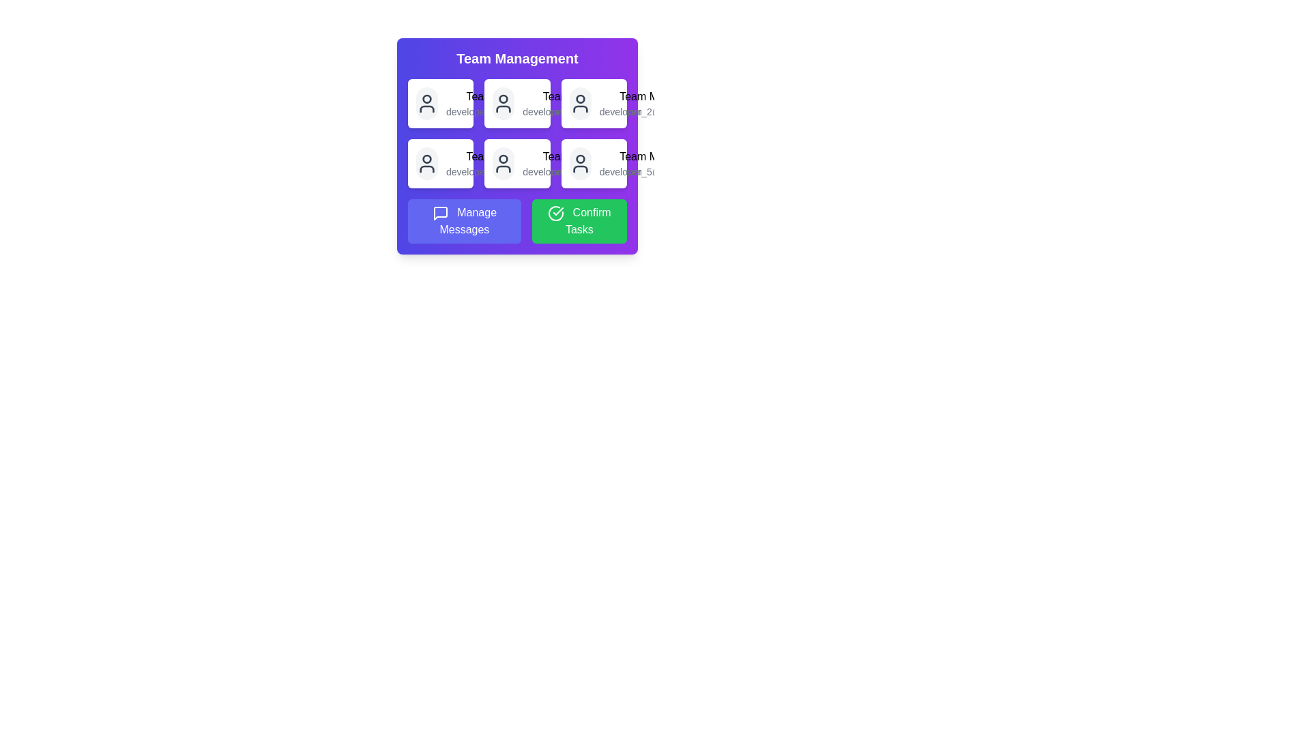 This screenshot has height=737, width=1310. I want to click on the graphical circle indicating the user's status in the top row of the user icons within the 'Team Management' interface, so click(580, 98).